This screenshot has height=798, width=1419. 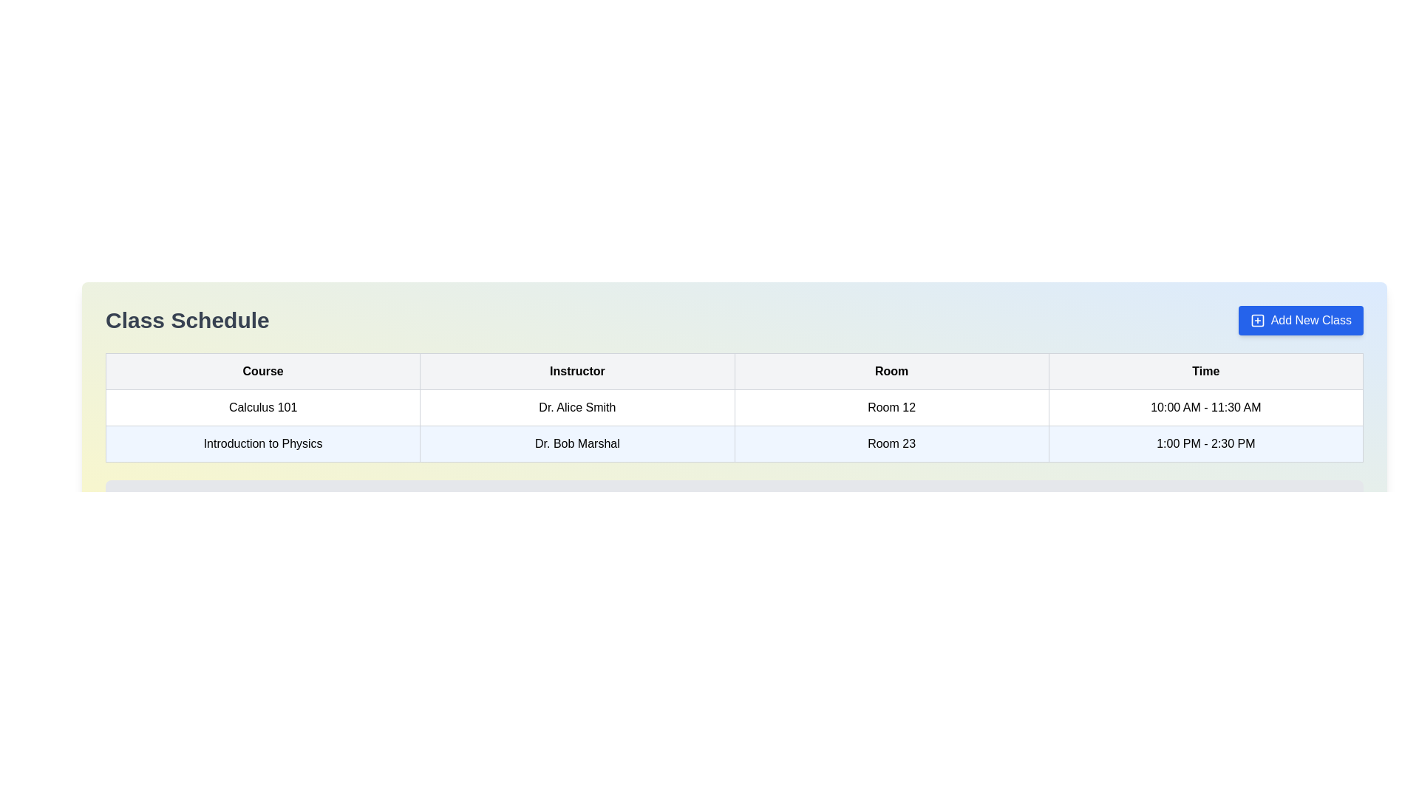 What do you see at coordinates (1205, 443) in the screenshot?
I see `the static text element displaying '1:00 PM - 2:30 PM' in the fourth column of the second row of the 'Class Schedule' table` at bounding box center [1205, 443].